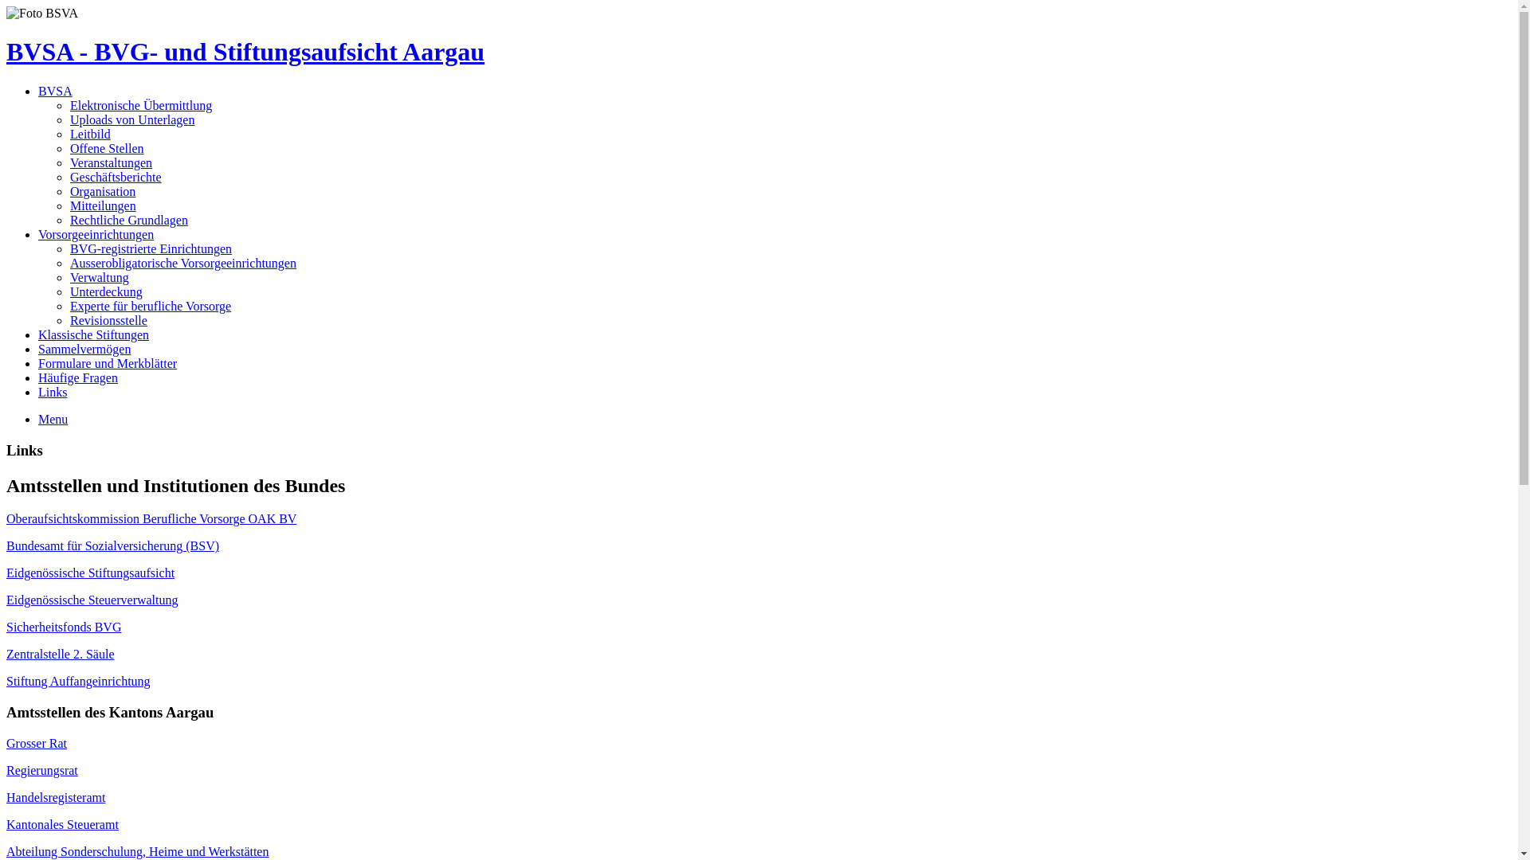 The height and width of the screenshot is (860, 1530). I want to click on 'Mitteilungen', so click(102, 205).